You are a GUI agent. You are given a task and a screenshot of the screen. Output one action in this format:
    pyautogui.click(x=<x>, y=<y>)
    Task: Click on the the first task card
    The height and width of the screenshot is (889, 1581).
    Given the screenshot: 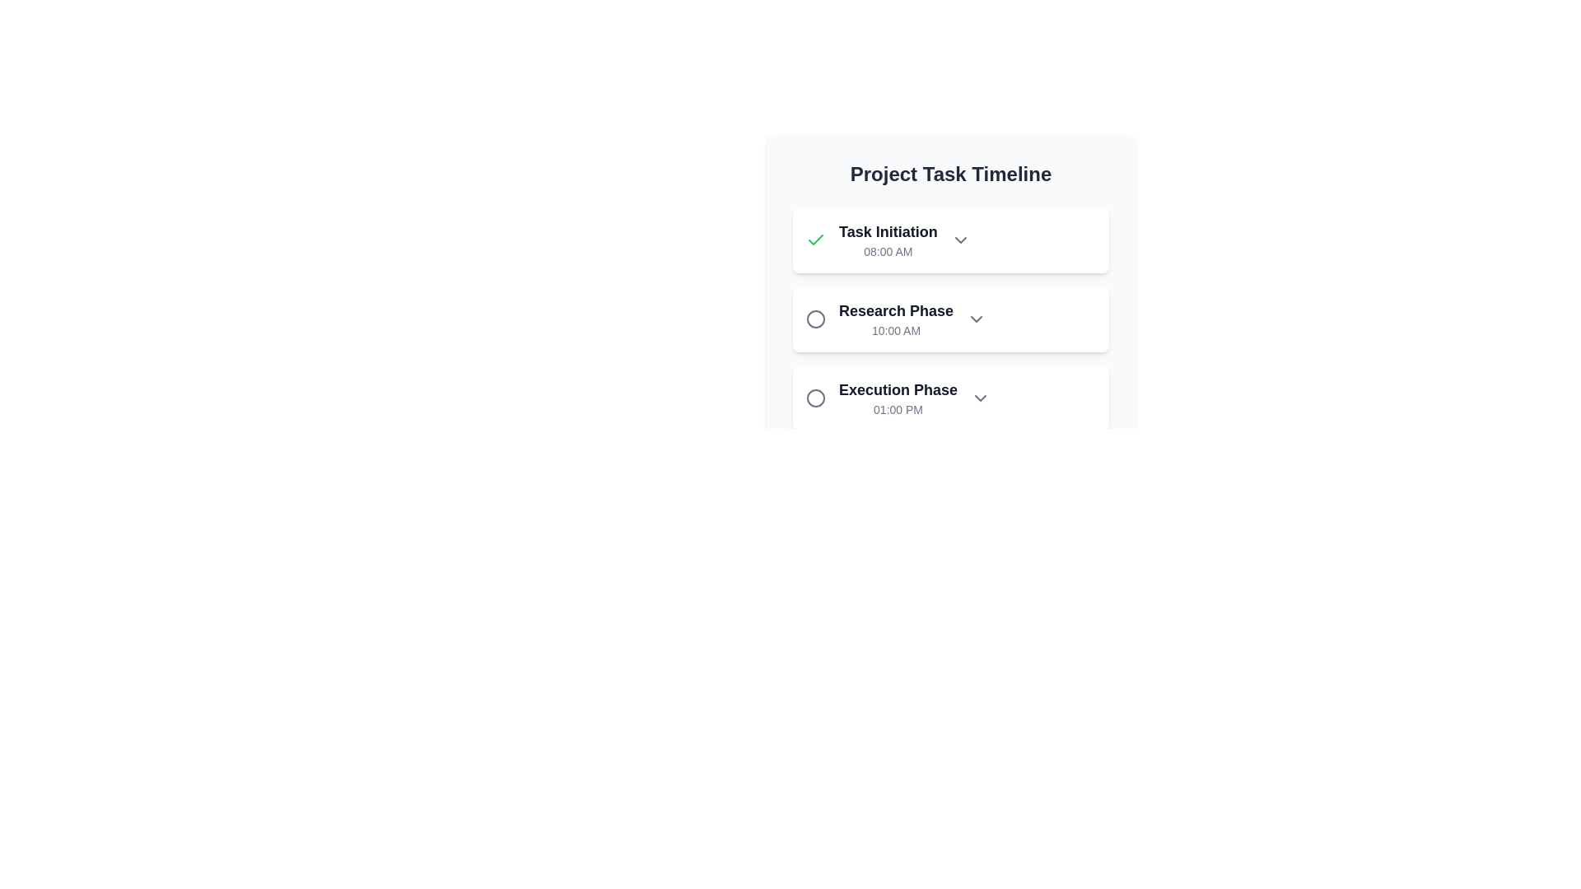 What is the action you would take?
    pyautogui.click(x=951, y=240)
    